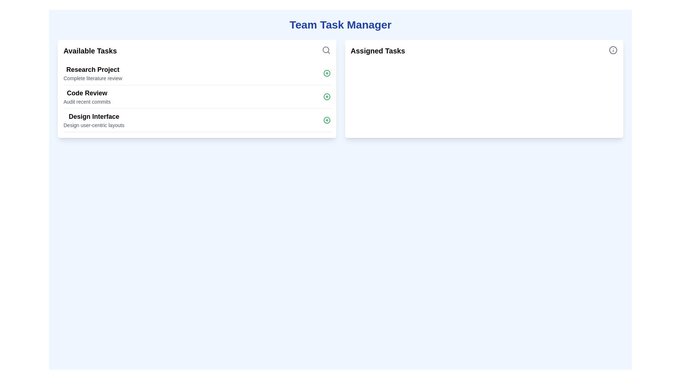 This screenshot has width=693, height=390. I want to click on the search icon located in the top right corner of the 'Available Tasks' section, so click(326, 49).